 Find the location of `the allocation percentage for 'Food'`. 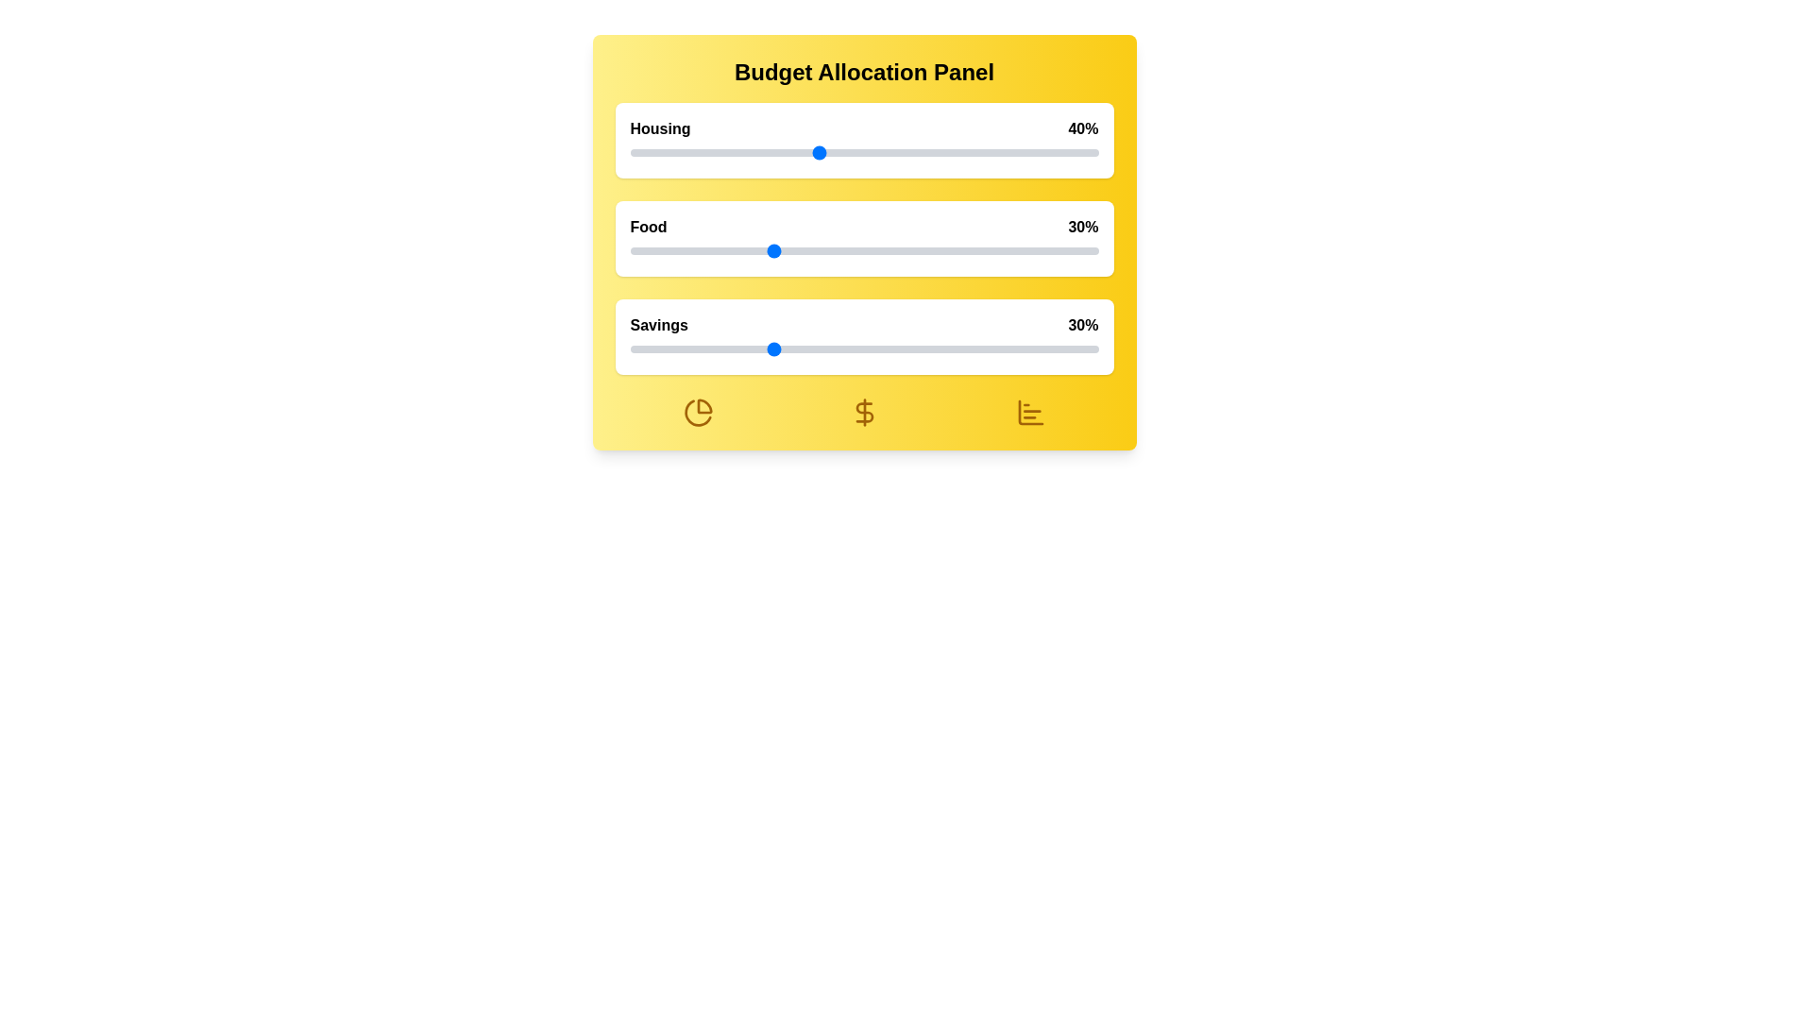

the allocation percentage for 'Food' is located at coordinates (689, 250).